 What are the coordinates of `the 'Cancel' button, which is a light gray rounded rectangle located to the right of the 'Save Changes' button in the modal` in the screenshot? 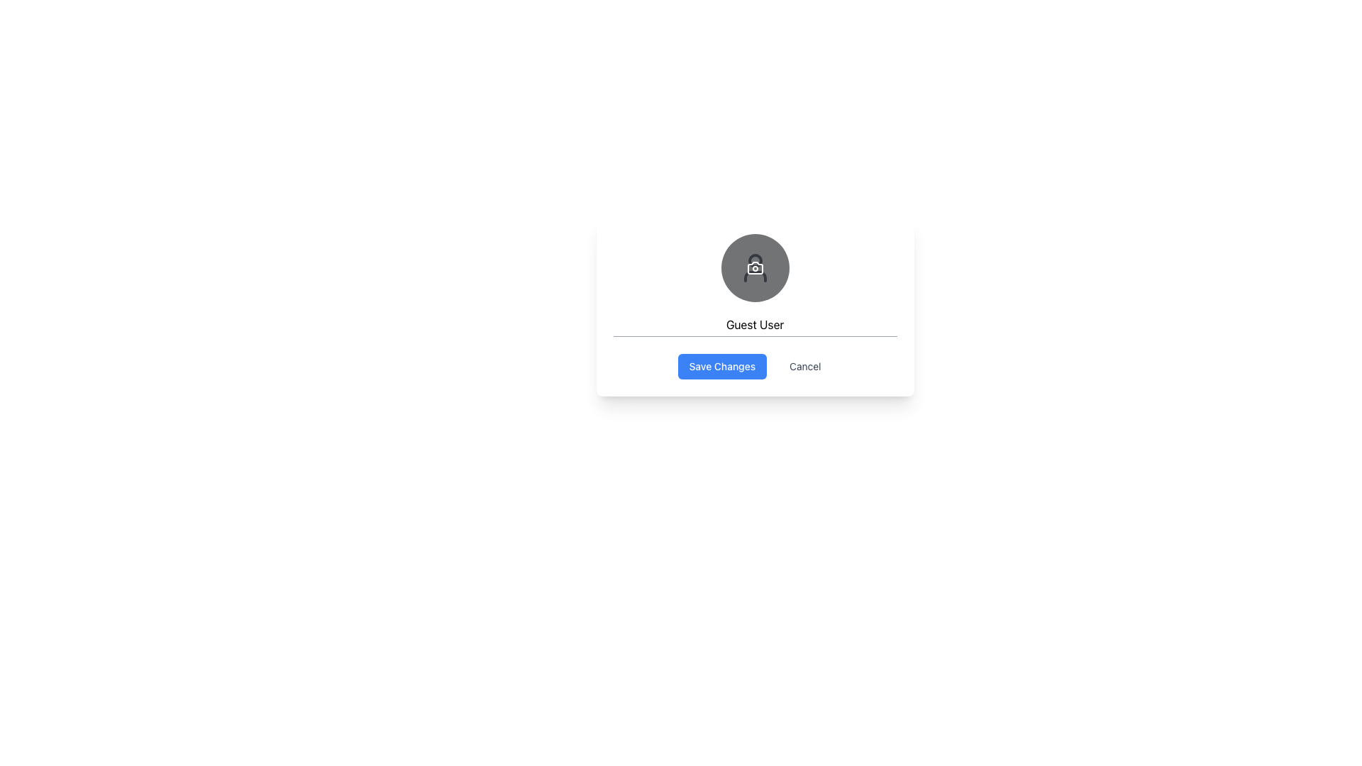 It's located at (805, 365).